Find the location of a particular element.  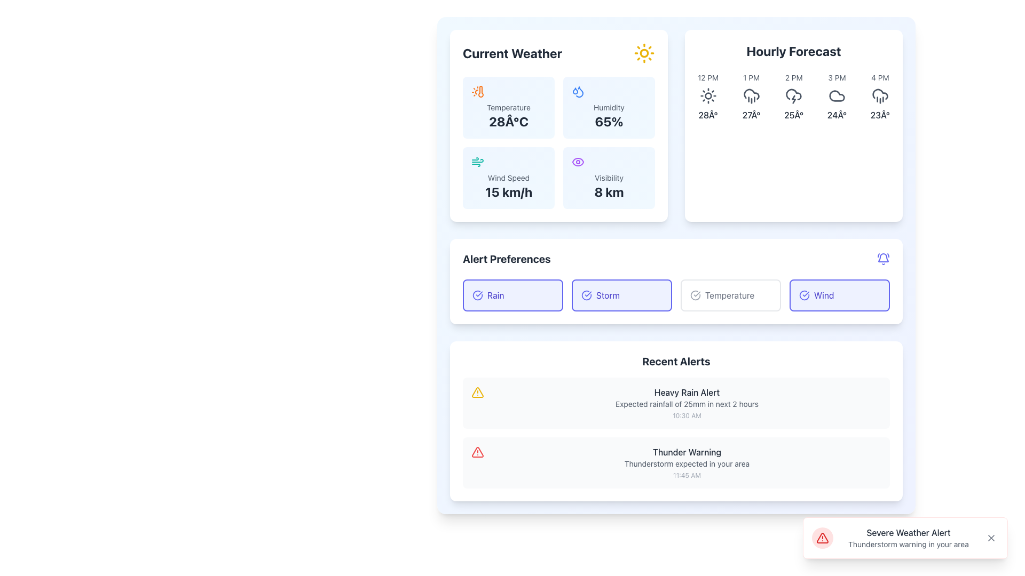

the indigo bell icon with ringing sound waves located in the 'Alert Preferences' section, to the far right of the title text 'Alert Preferences.' is located at coordinates (884, 259).